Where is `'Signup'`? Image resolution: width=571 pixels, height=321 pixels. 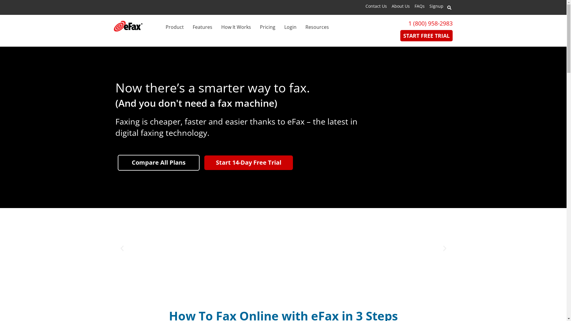
'Signup' is located at coordinates (436, 6).